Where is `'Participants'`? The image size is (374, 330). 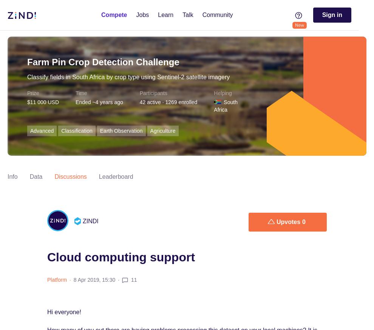
'Participants' is located at coordinates (153, 93).